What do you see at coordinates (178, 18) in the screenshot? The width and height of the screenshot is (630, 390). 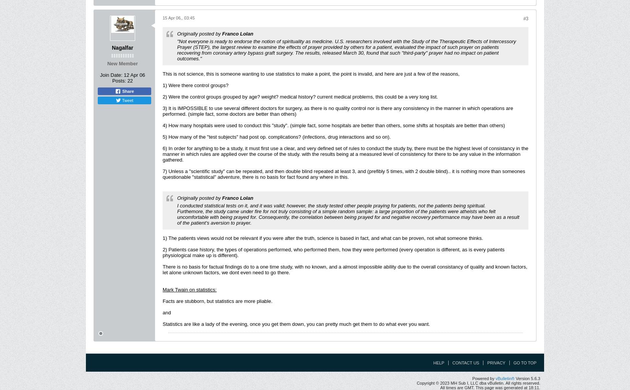 I see `'15 Apr 06,, 03:45'` at bounding box center [178, 18].